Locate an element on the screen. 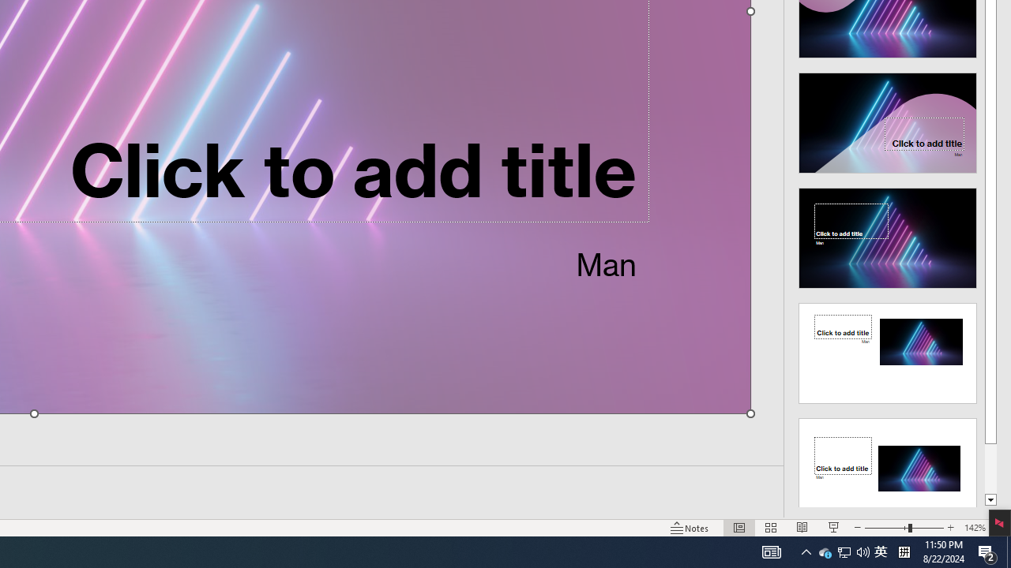 This screenshot has width=1011, height=568. 'Zoom 142%' is located at coordinates (974, 528).